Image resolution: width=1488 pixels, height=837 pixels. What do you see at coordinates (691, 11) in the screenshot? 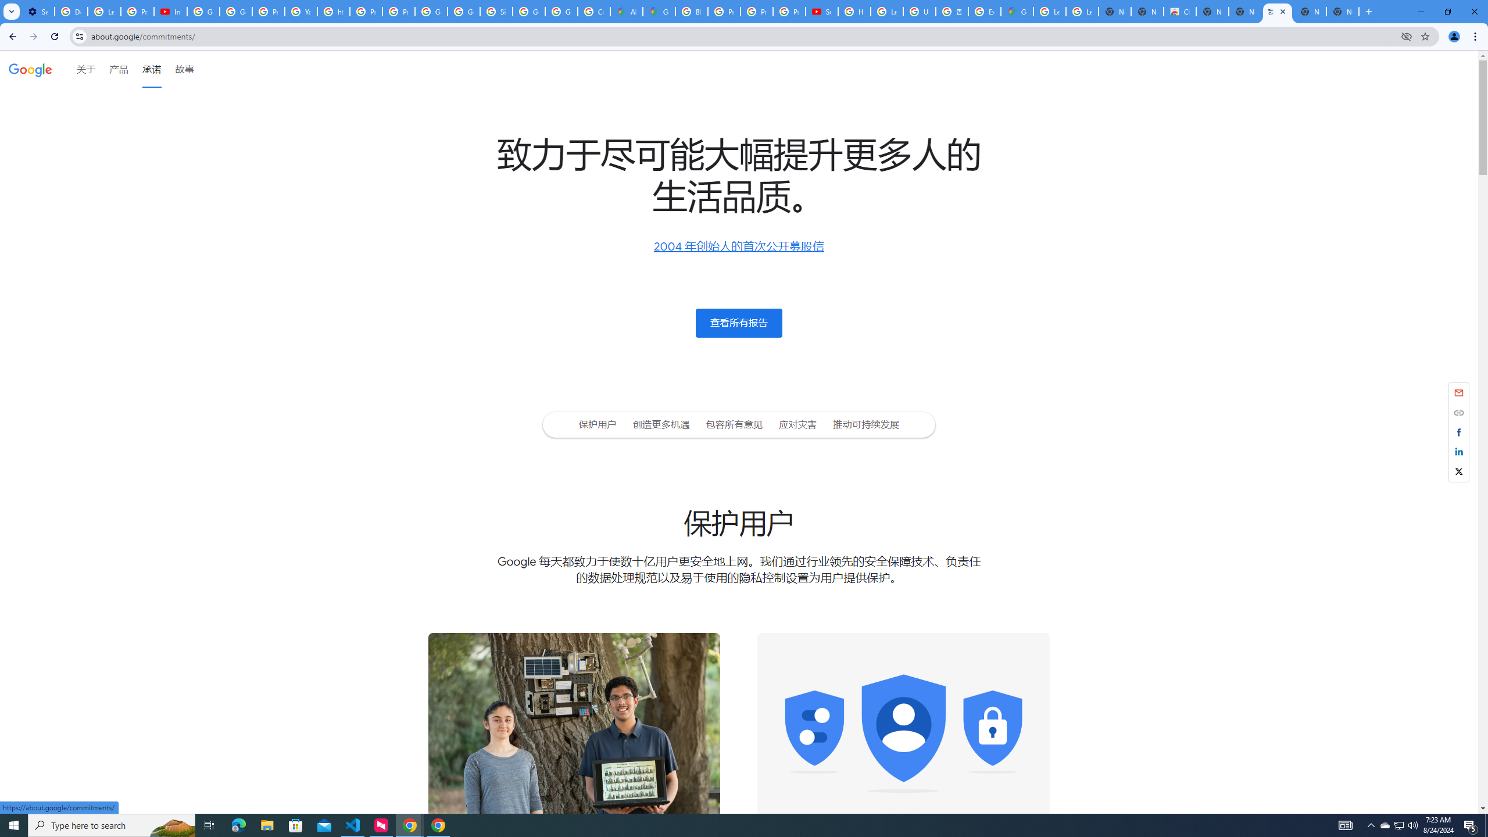
I see `'Blogger Policies and Guidelines - Transparency Center'` at bounding box center [691, 11].